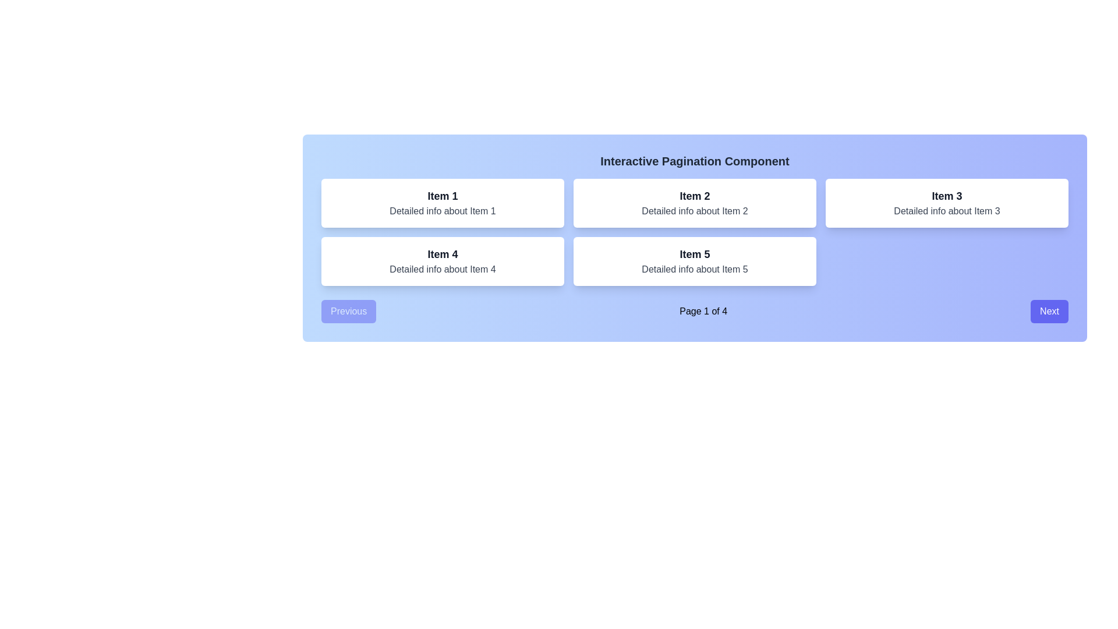 This screenshot has height=629, width=1118. Describe the element at coordinates (695, 211) in the screenshot. I see `detailed text label providing supplementary information related to 'Item 2', located below the 'Item 2' text in the card within the second column of the top row` at that location.